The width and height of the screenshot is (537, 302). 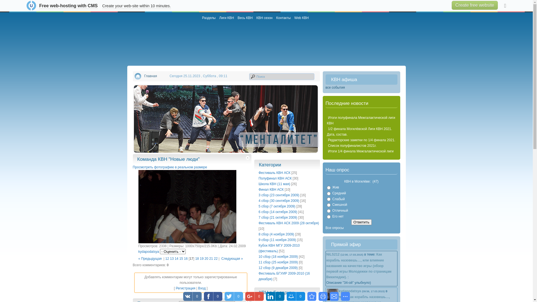 What do you see at coordinates (338, 291) in the screenshot?
I see `'kydapodatsya'` at bounding box center [338, 291].